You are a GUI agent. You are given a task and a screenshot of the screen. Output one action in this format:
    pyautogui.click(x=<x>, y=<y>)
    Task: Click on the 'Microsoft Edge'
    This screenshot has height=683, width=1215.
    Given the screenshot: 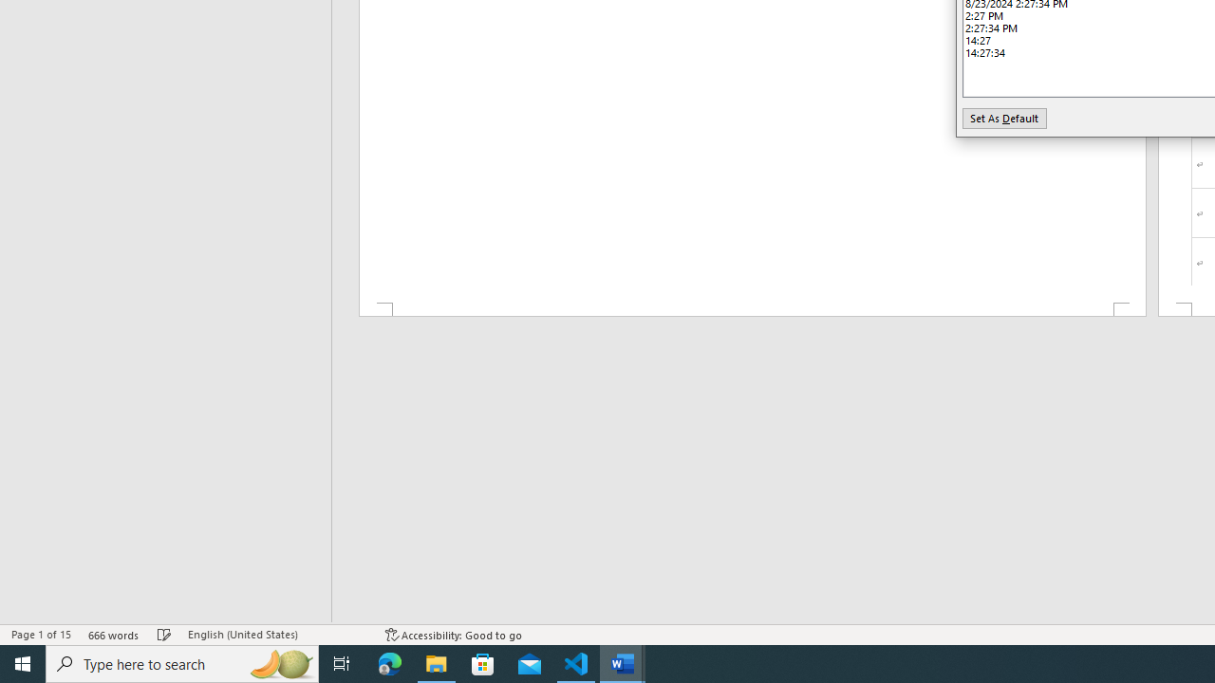 What is the action you would take?
    pyautogui.click(x=389, y=662)
    